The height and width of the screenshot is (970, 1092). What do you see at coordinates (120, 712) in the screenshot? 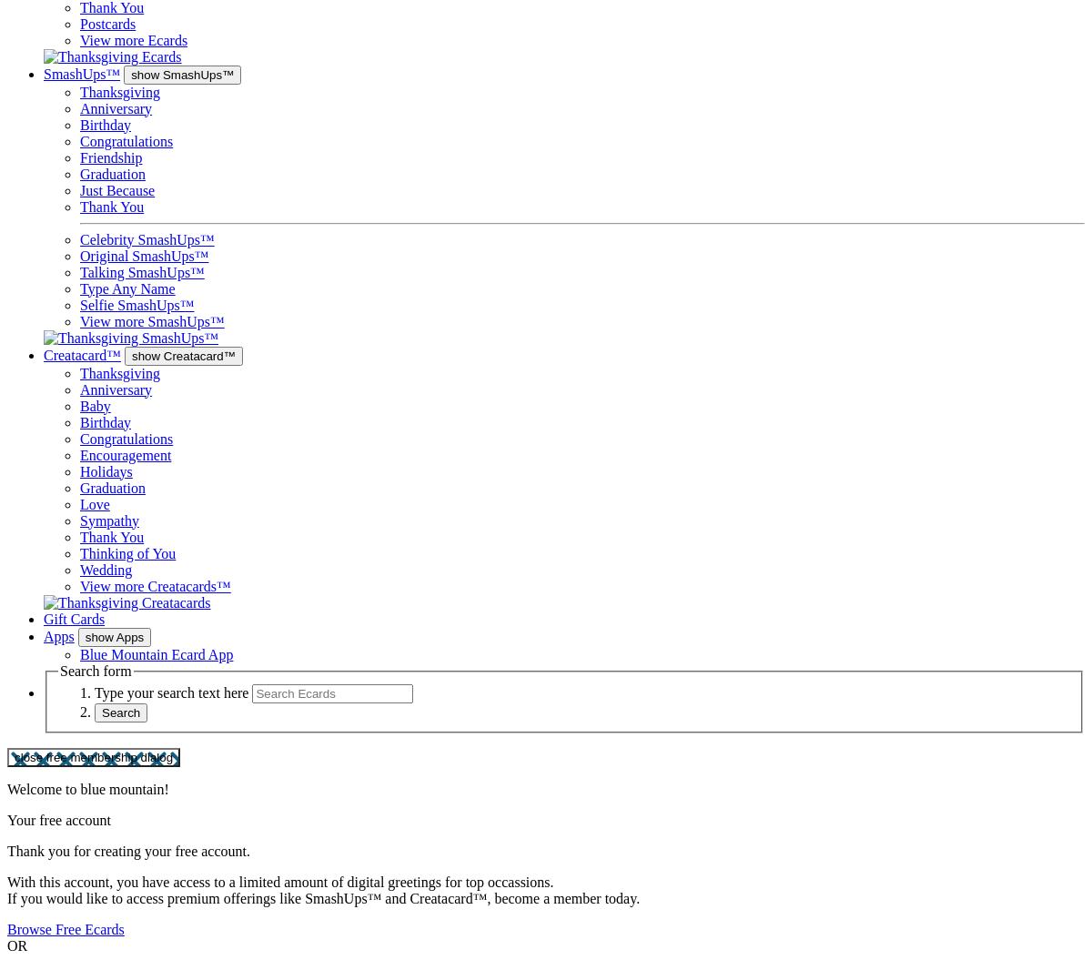
I see `'Search'` at bounding box center [120, 712].